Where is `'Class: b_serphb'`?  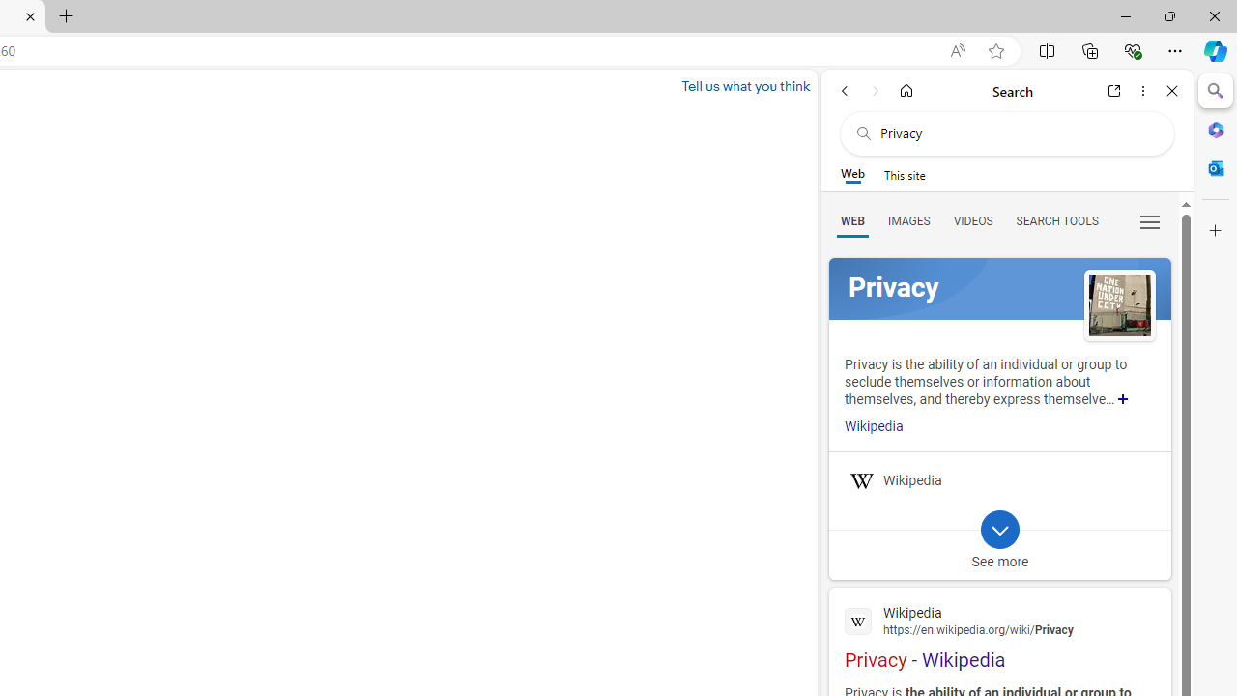 'Class: b_serphb' is located at coordinates (1150, 221).